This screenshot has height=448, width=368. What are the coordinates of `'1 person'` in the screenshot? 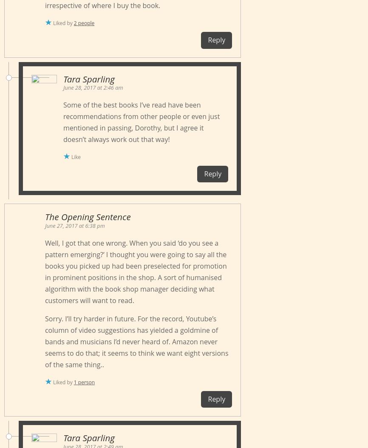 It's located at (84, 381).